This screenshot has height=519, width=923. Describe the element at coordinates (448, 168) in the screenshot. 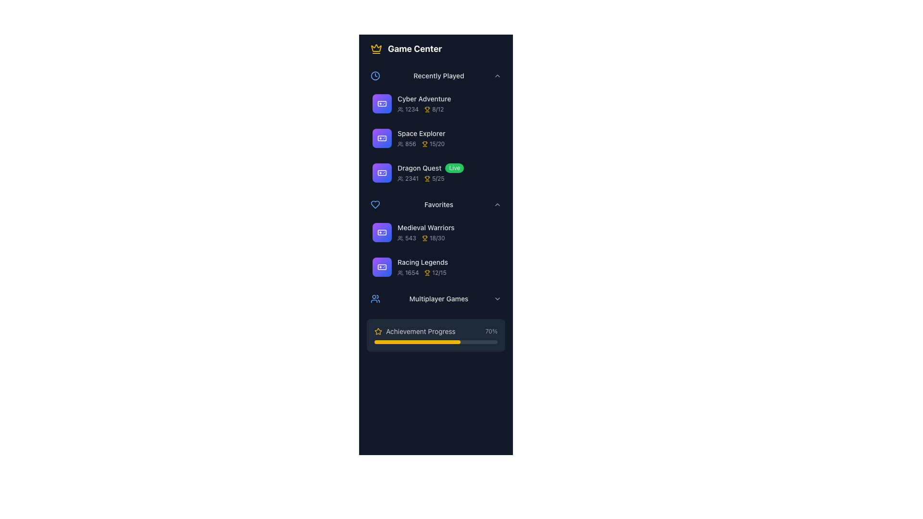

I see `the 'Dragon Quest' label group with the 'Live' badge, which is styled in medium gray and features a green badge with white text, located in the third row of the 'Recently Played' section in the 'Game Center' interface` at that location.